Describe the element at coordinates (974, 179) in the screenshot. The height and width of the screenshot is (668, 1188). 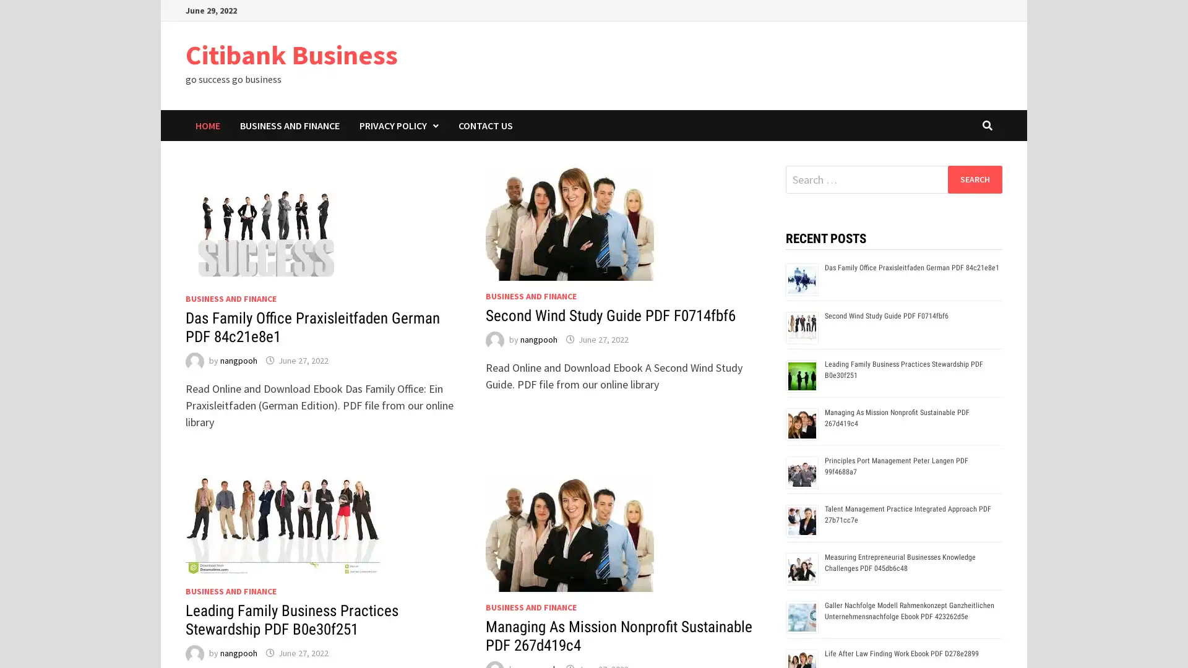
I see `Search` at that location.